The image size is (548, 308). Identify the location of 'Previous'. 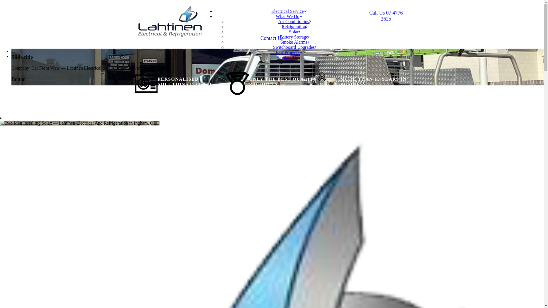
(11, 51).